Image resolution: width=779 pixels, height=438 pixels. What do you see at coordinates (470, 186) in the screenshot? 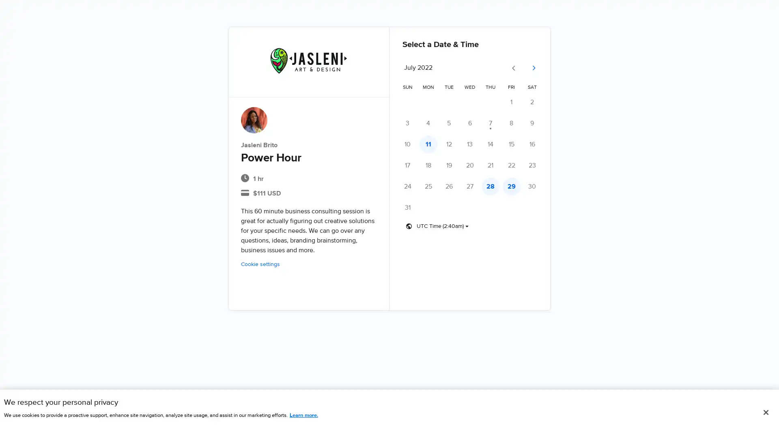
I see `Wednesday, July 27 - No times available` at bounding box center [470, 186].